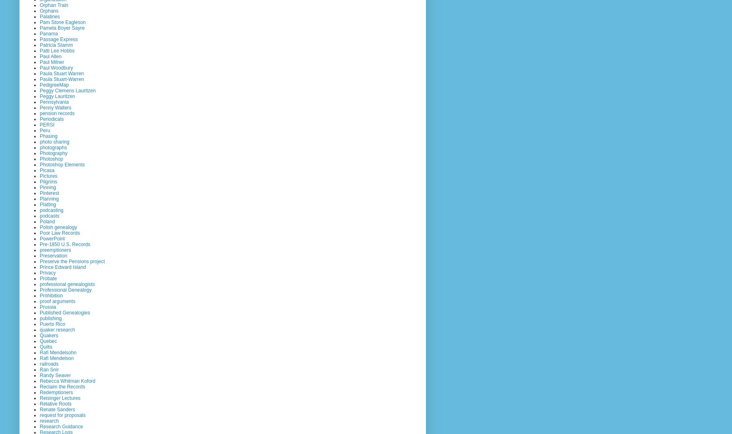 The height and width of the screenshot is (434, 732). I want to click on 'Research Guidance', so click(61, 426).